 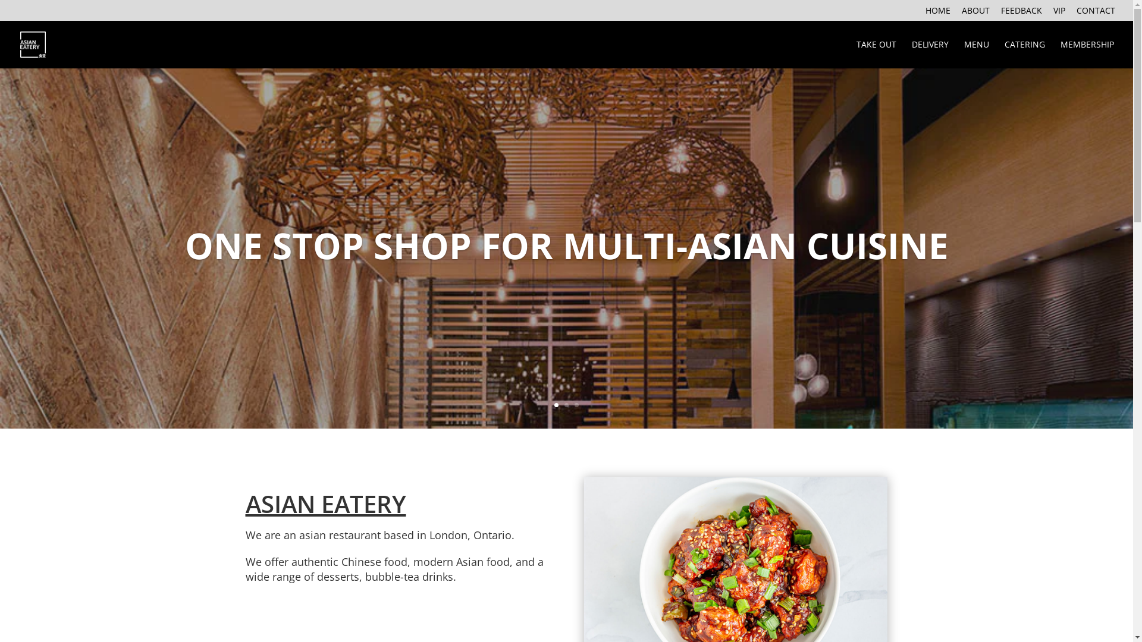 I want to click on '2', so click(x=566, y=404).